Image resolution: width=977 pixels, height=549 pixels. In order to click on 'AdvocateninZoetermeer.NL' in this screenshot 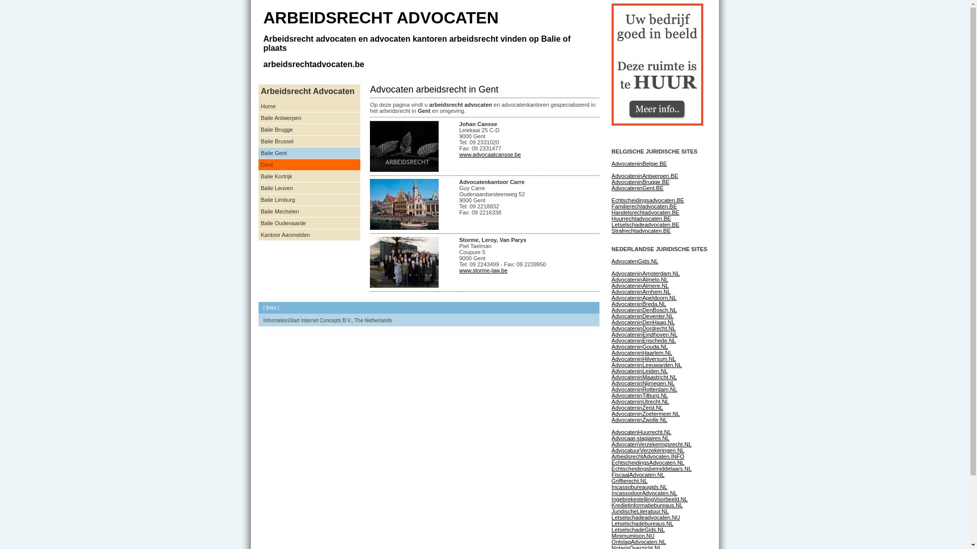, I will do `click(645, 413)`.